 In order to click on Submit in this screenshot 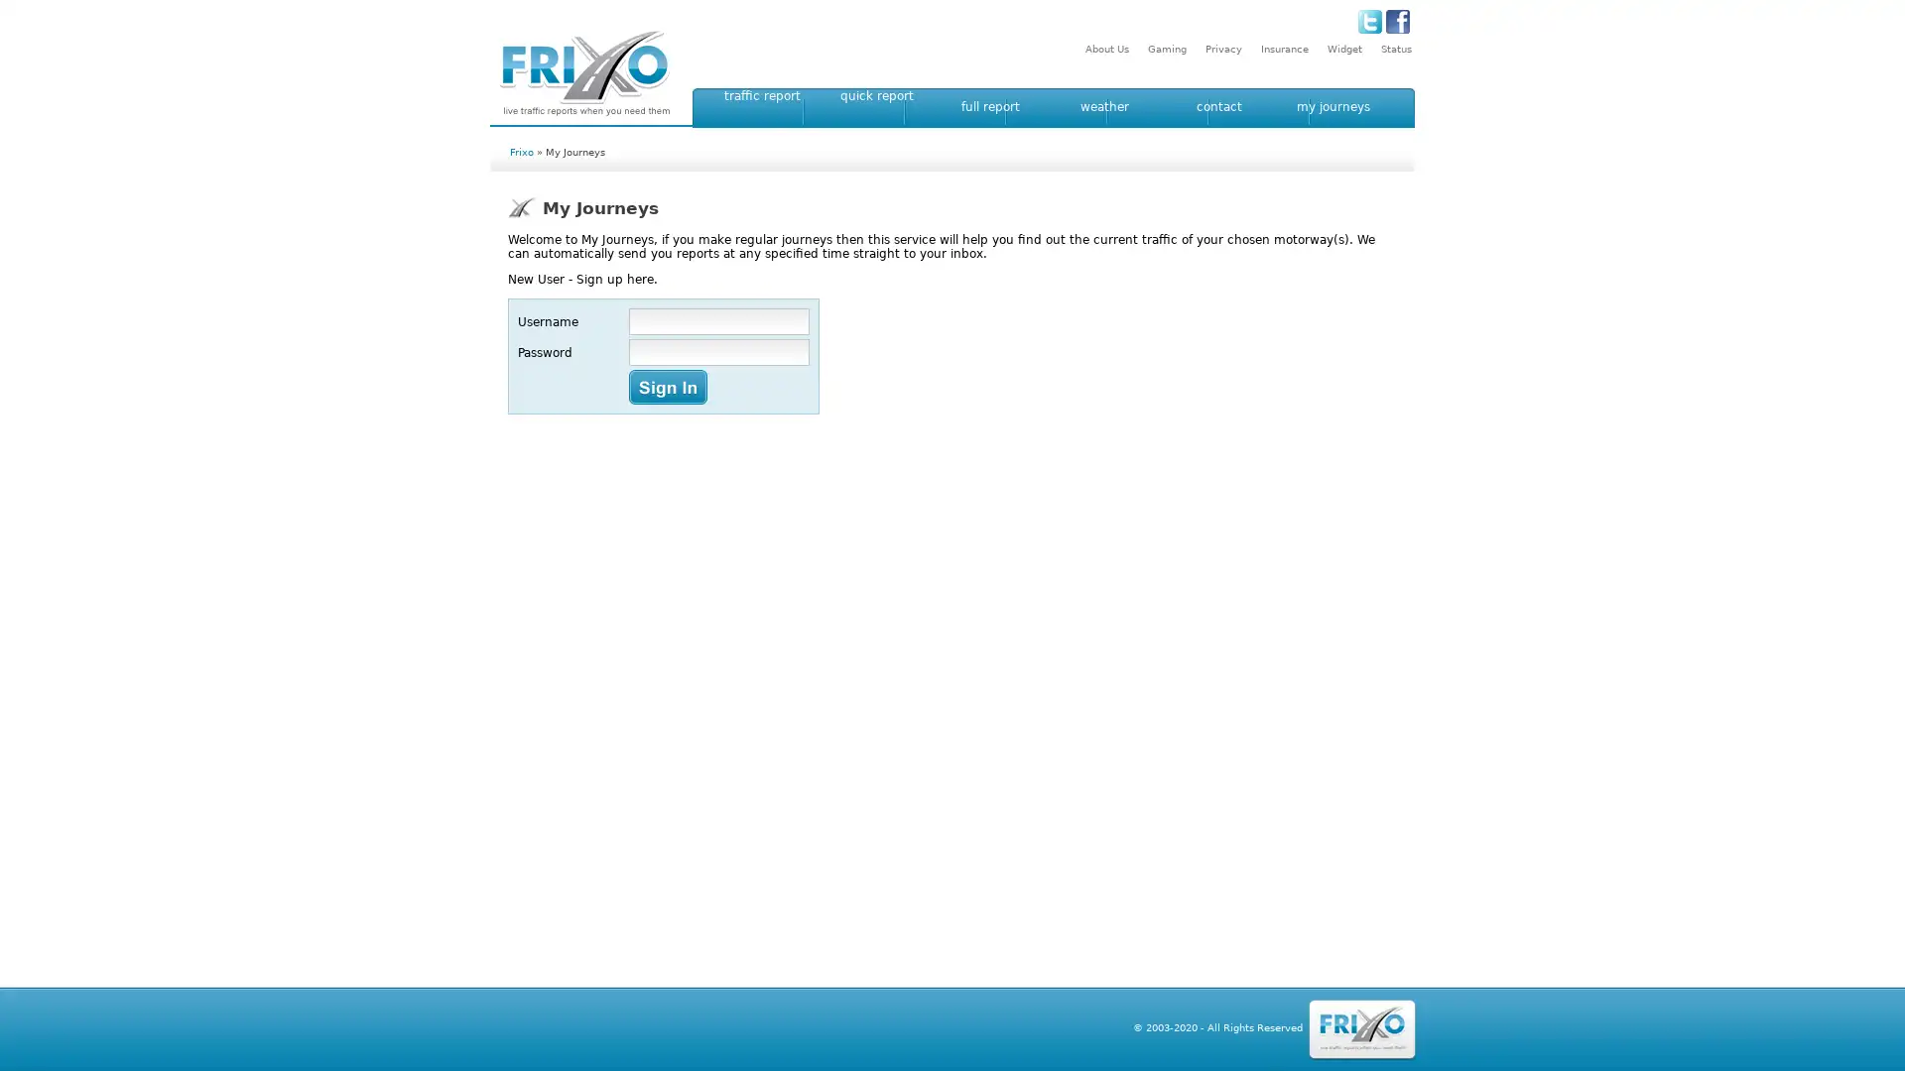, I will do `click(668, 387)`.